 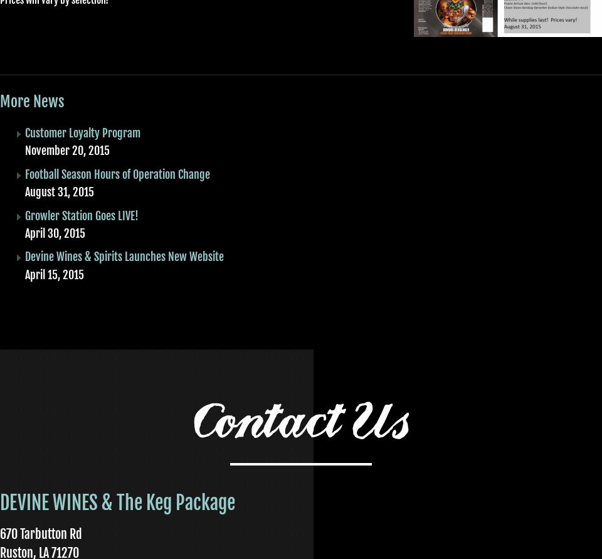 I want to click on 'November 20, 2015', so click(x=67, y=151).